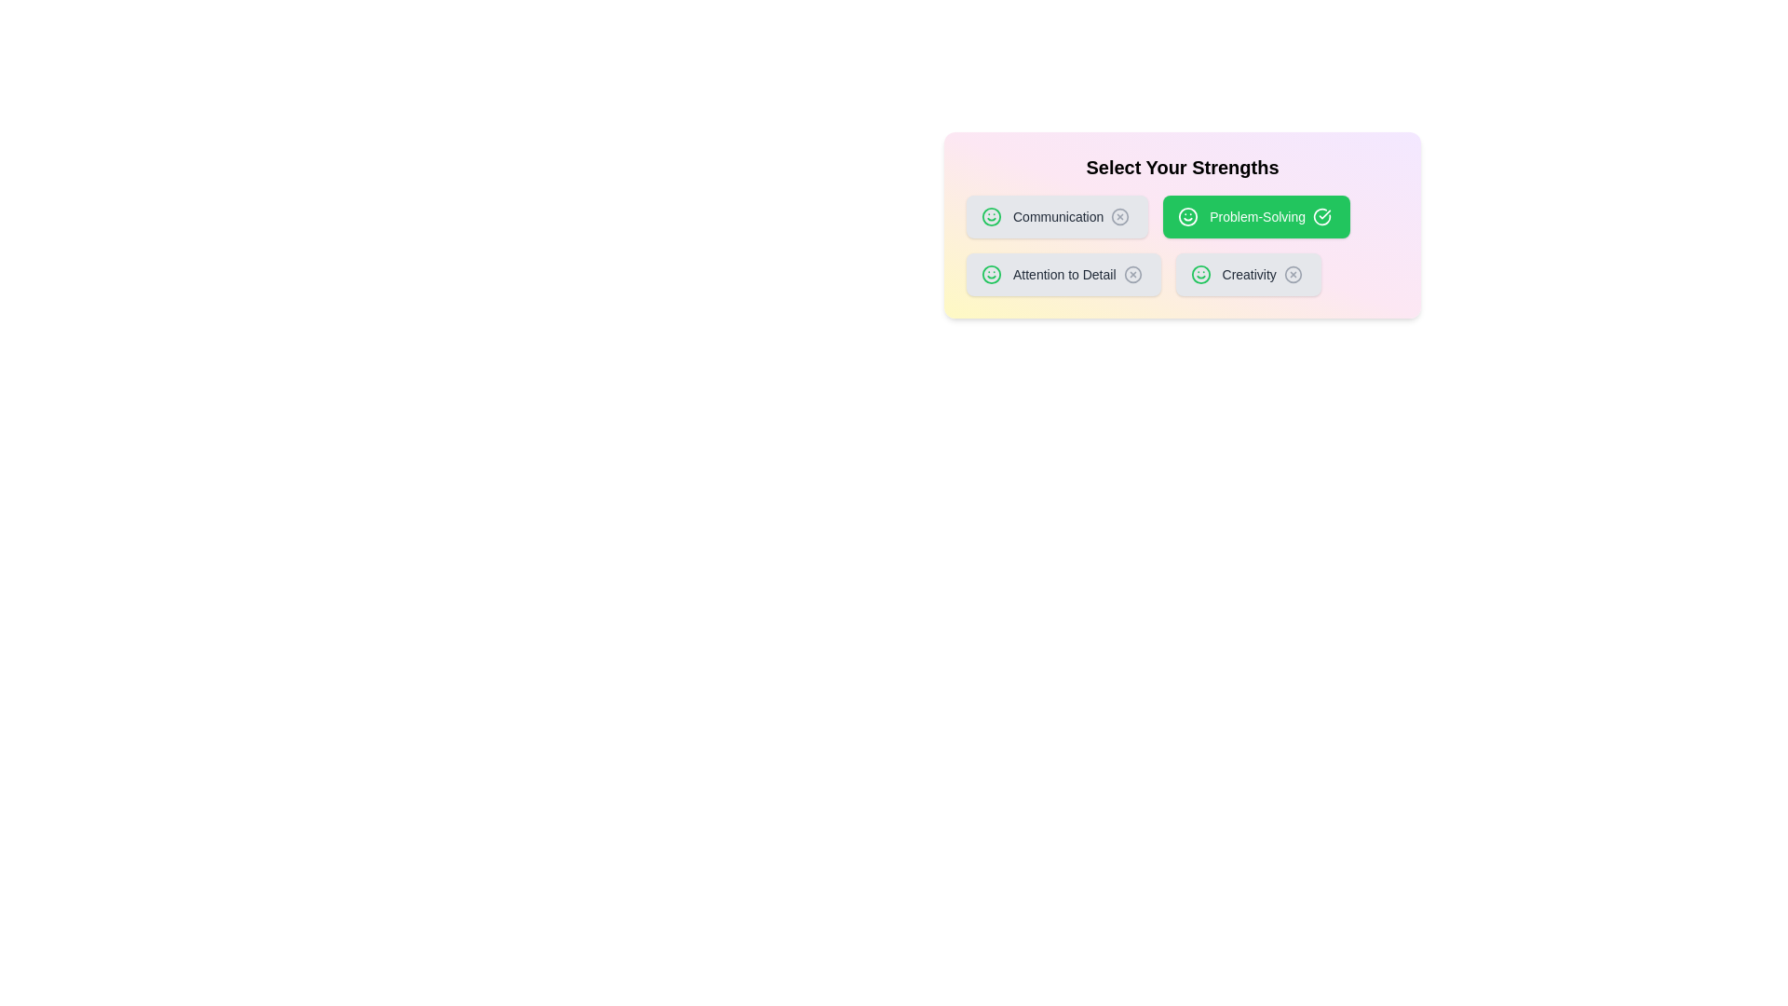  Describe the element at coordinates (1182, 168) in the screenshot. I see `the title of the component, which is 'Select Your Strengths'` at that location.